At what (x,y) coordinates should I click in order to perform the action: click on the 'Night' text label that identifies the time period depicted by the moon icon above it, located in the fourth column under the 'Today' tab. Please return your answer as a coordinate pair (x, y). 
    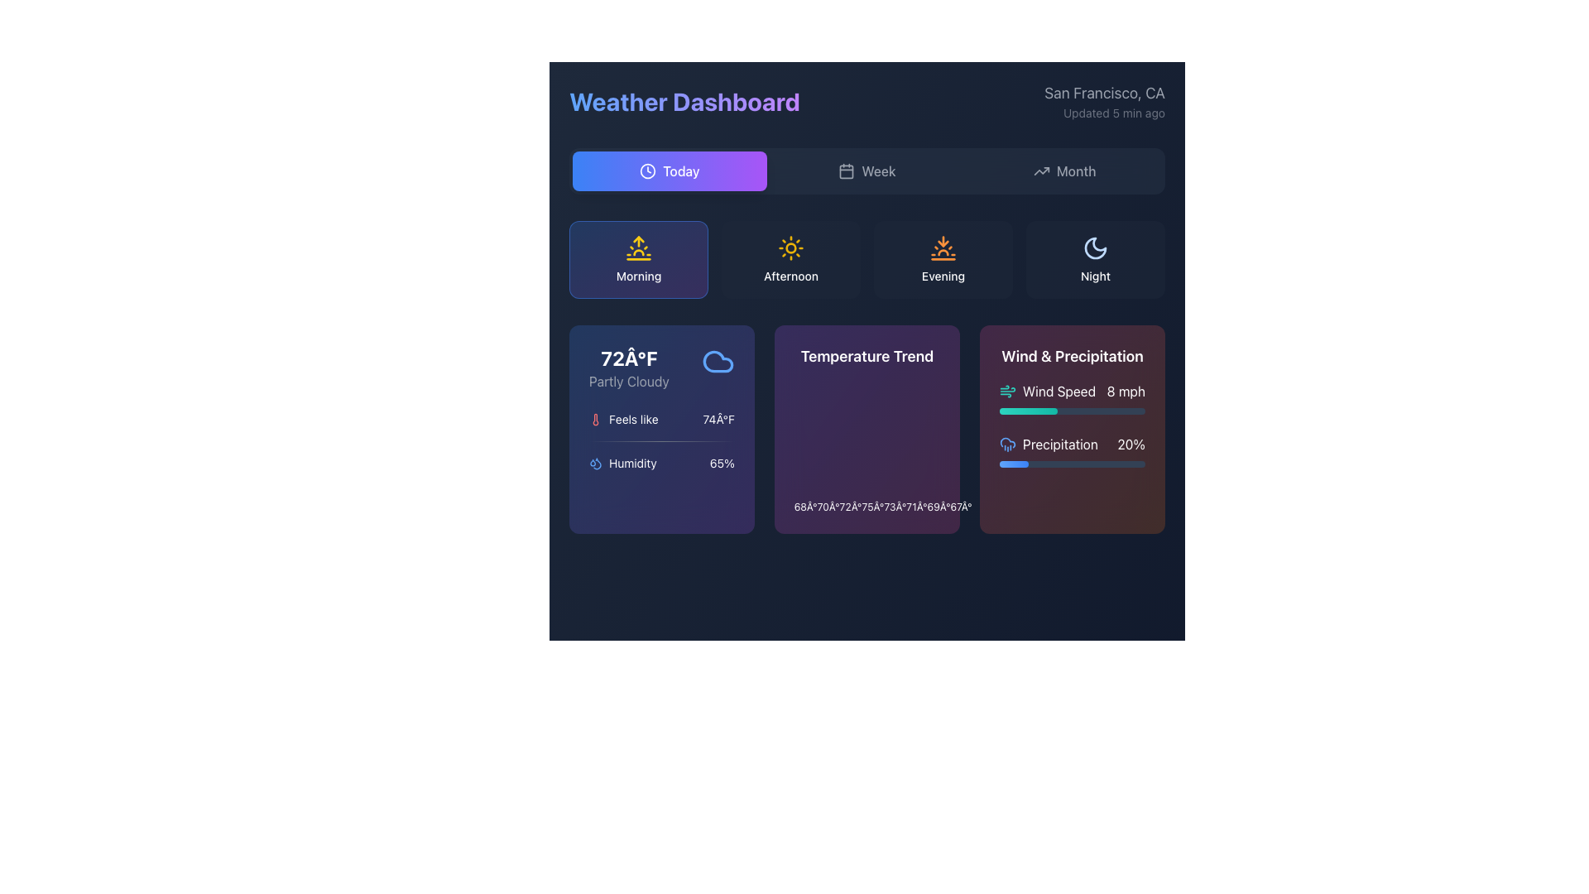
    Looking at the image, I should click on (1096, 276).